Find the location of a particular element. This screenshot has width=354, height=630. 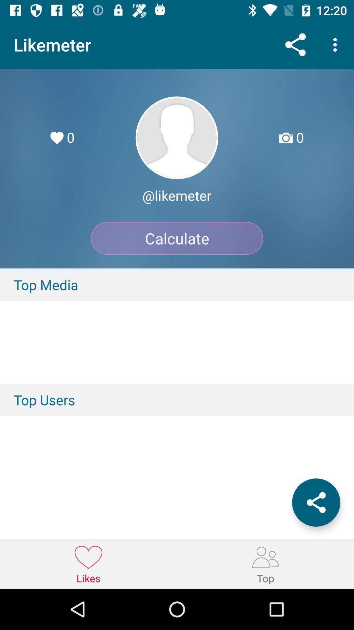

share is located at coordinates (316, 502).